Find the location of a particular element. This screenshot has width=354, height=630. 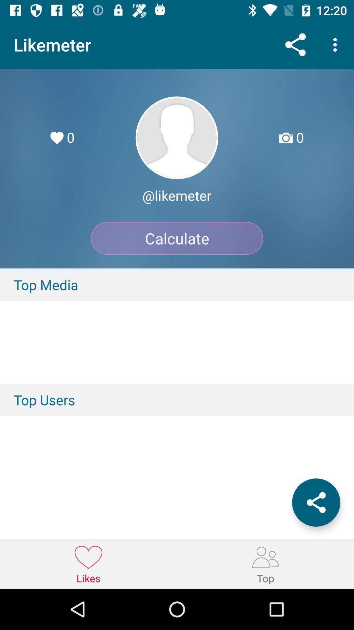

share is located at coordinates (316, 502).